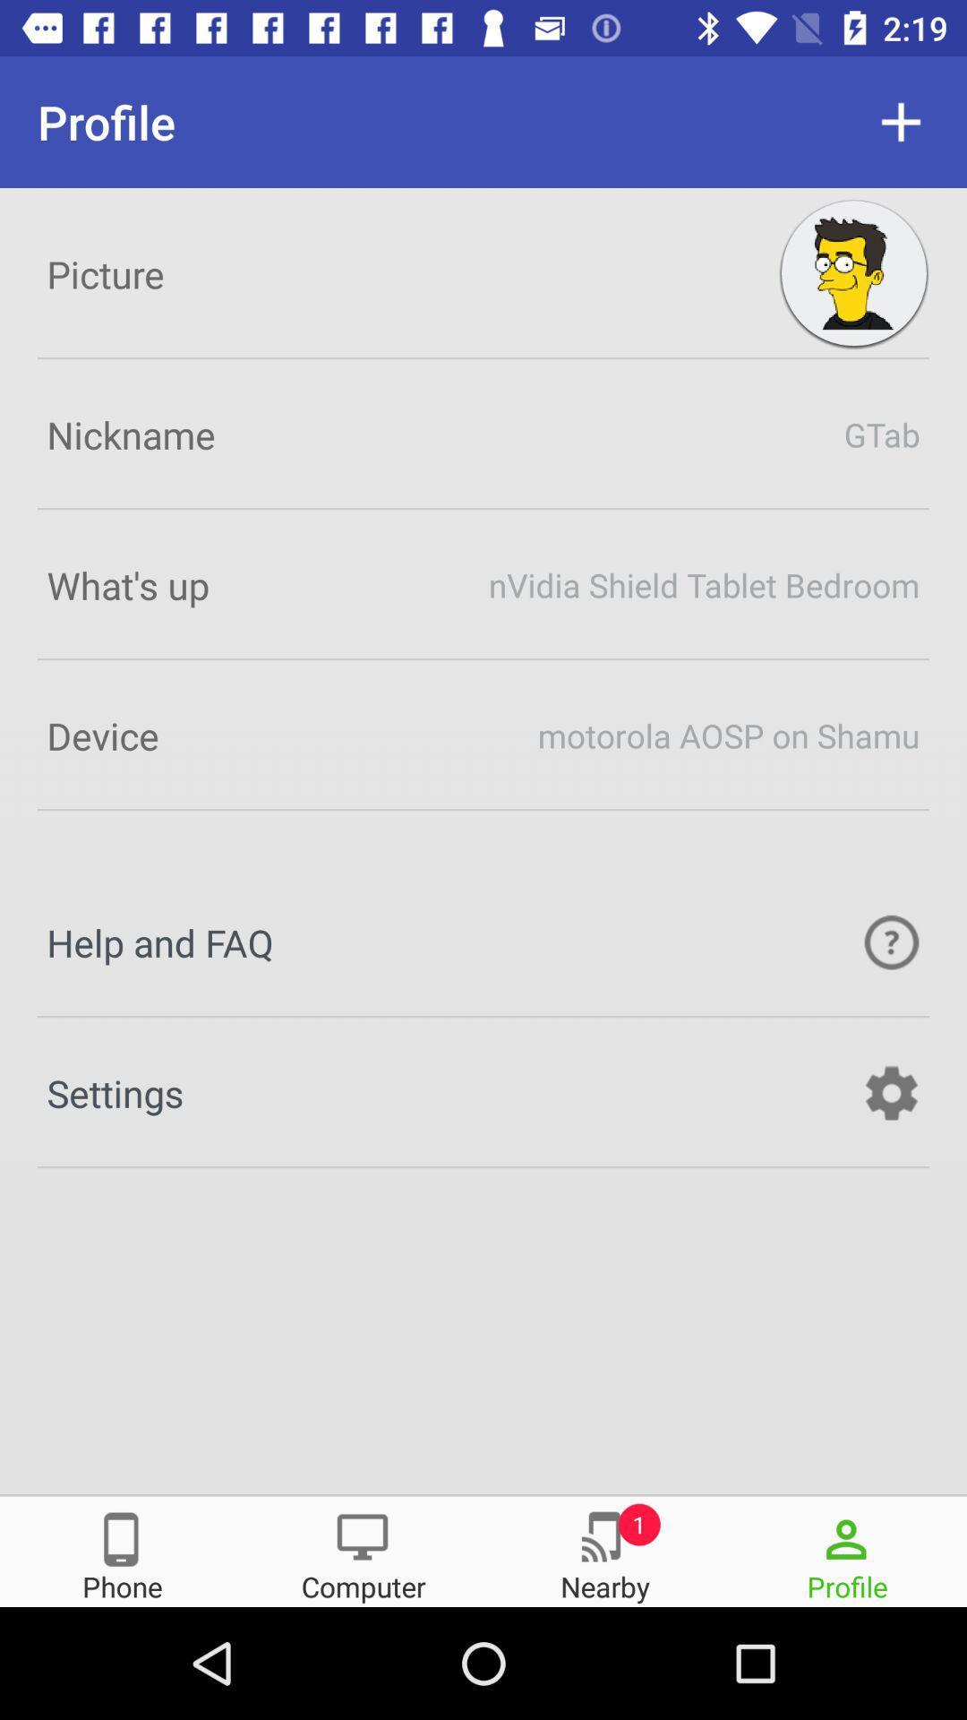  Describe the element at coordinates (852, 273) in the screenshot. I see `item above gtab icon` at that location.